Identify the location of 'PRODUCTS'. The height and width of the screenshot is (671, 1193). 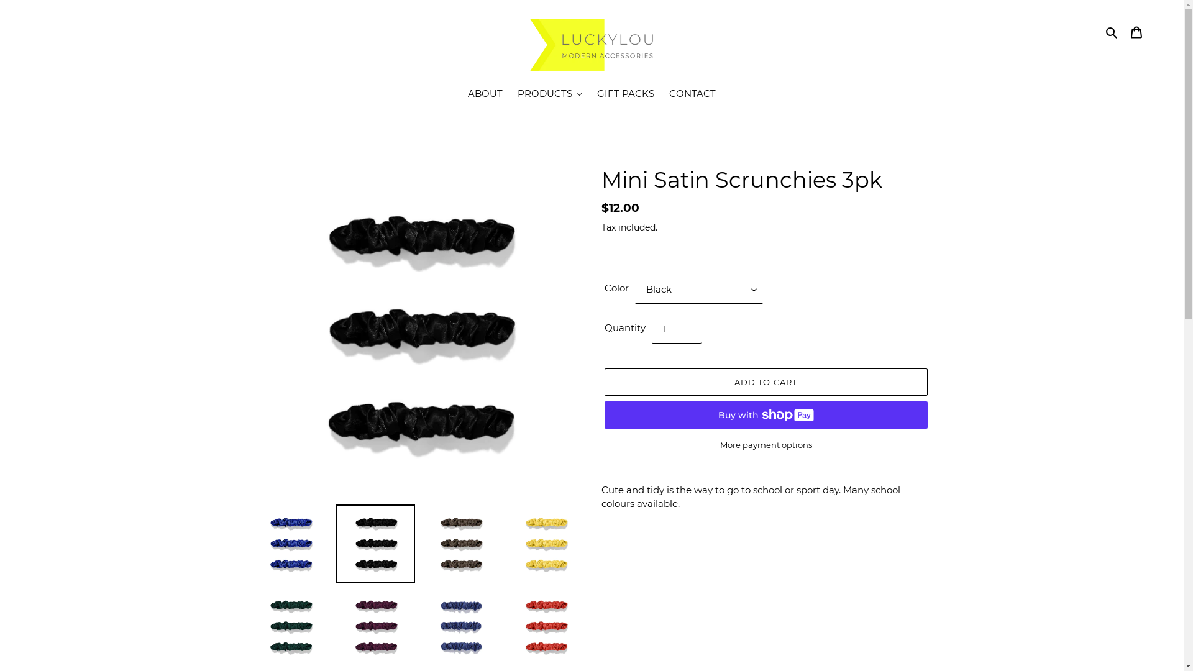
(511, 94).